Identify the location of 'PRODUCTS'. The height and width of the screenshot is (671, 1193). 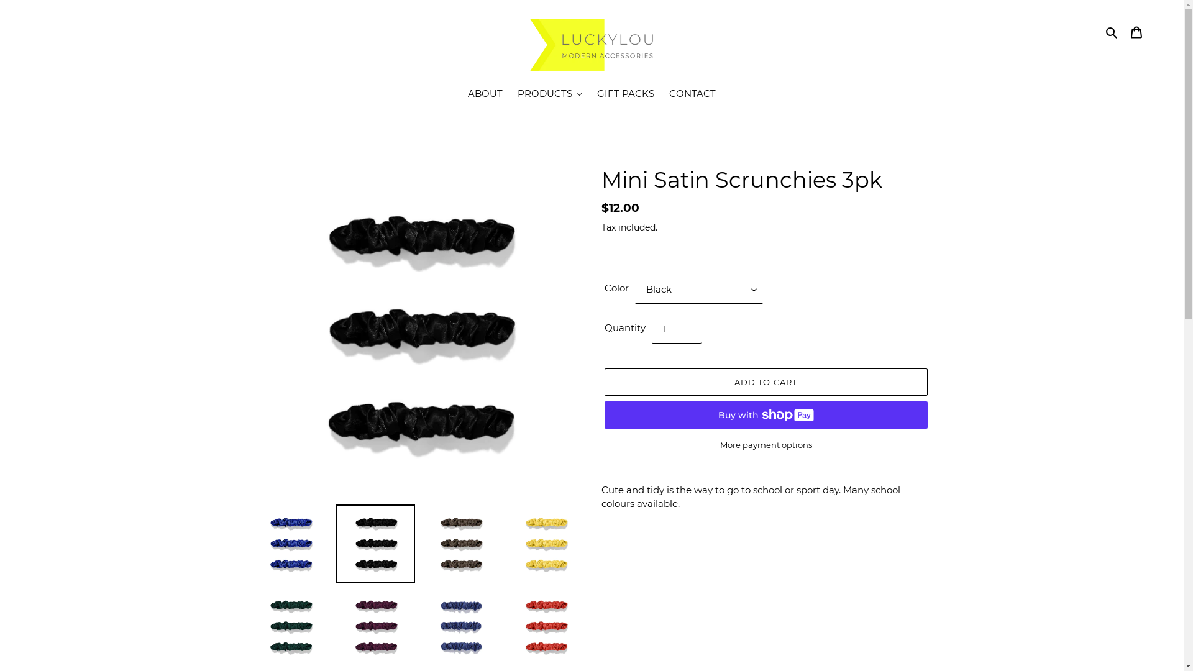
(511, 94).